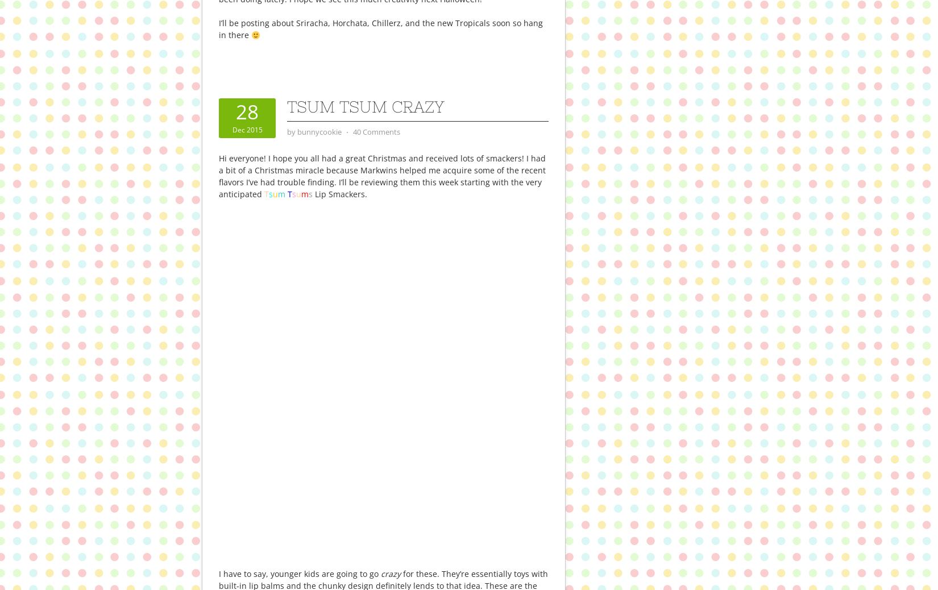 The height and width of the screenshot is (590, 938). What do you see at coordinates (218, 573) in the screenshot?
I see `'I have to say, younger kids are going to go'` at bounding box center [218, 573].